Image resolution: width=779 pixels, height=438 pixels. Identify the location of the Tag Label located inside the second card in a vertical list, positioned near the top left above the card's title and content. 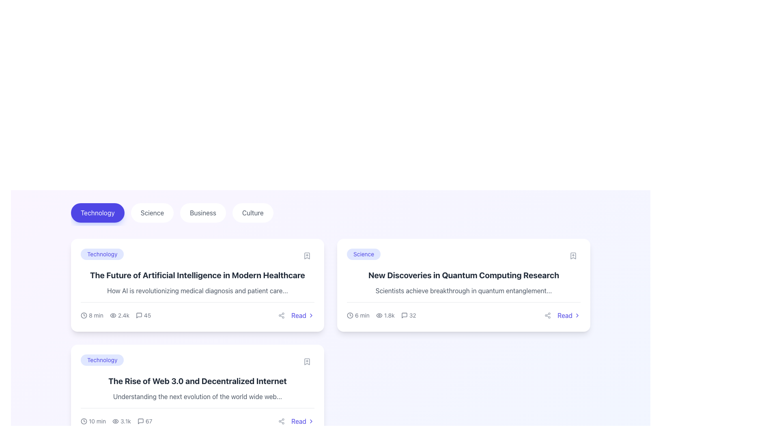
(102, 359).